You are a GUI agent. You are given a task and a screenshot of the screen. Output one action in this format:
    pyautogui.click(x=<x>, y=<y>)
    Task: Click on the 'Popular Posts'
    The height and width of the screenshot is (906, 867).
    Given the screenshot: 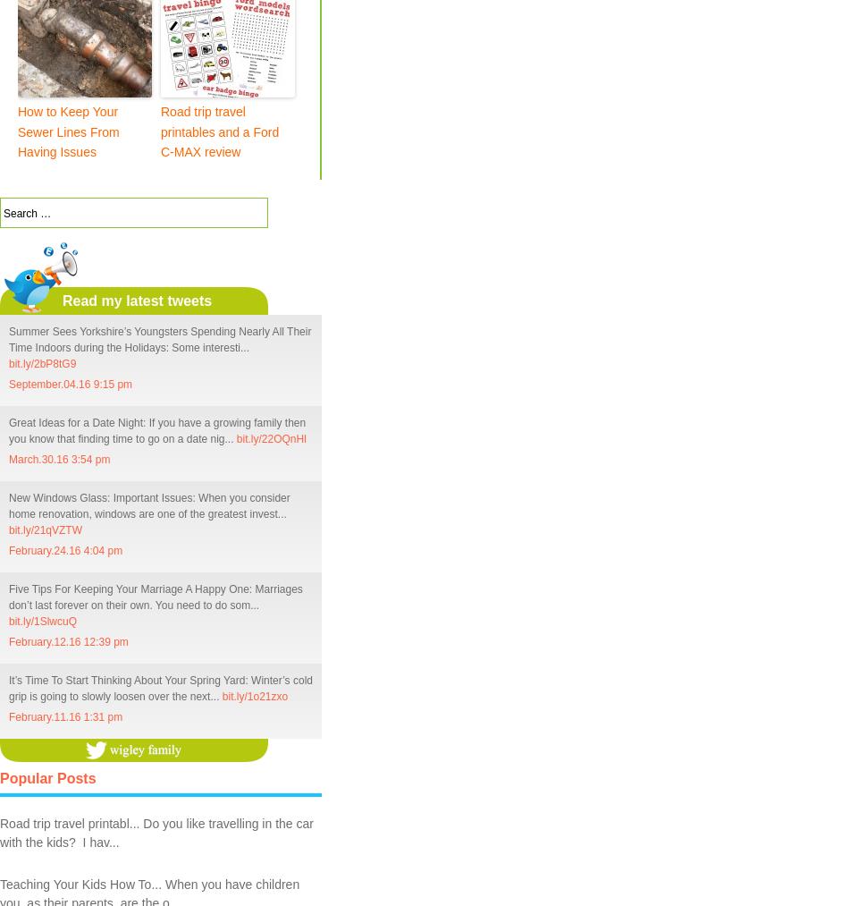 What is the action you would take?
    pyautogui.click(x=0, y=776)
    